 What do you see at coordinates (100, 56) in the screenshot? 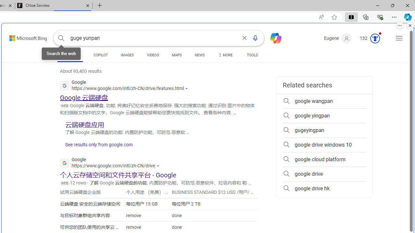
I see `'COPILOT'` at bounding box center [100, 56].